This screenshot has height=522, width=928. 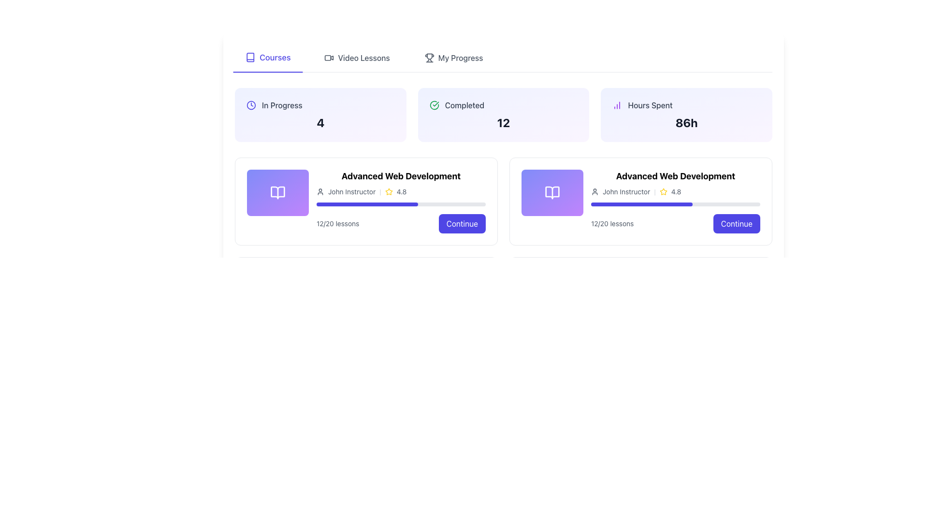 What do you see at coordinates (434, 105) in the screenshot?
I see `the visual styling of the completion success icon located to the left of the 'Completed' label in the top row of the interface` at bounding box center [434, 105].